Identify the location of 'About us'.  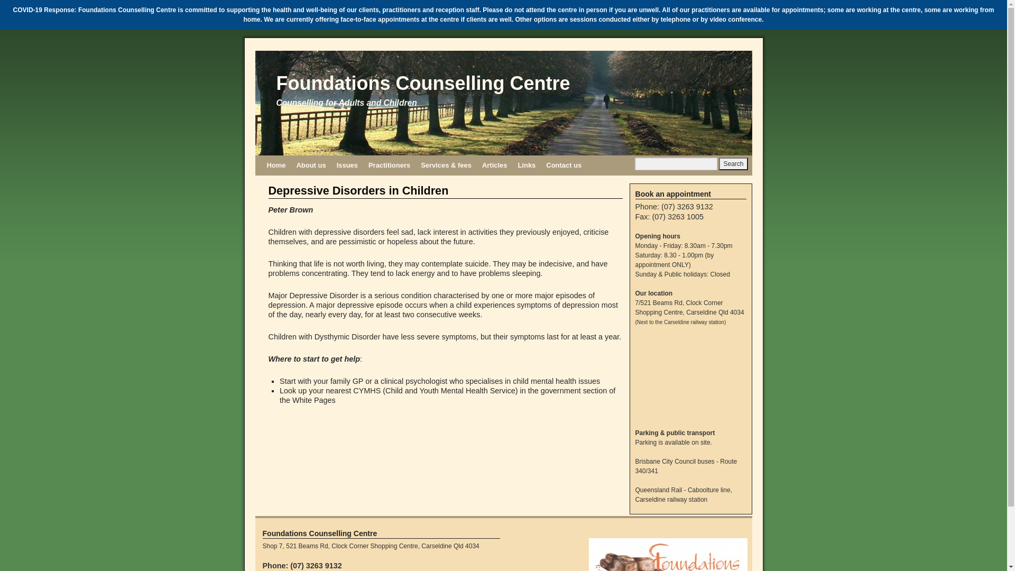
(310, 165).